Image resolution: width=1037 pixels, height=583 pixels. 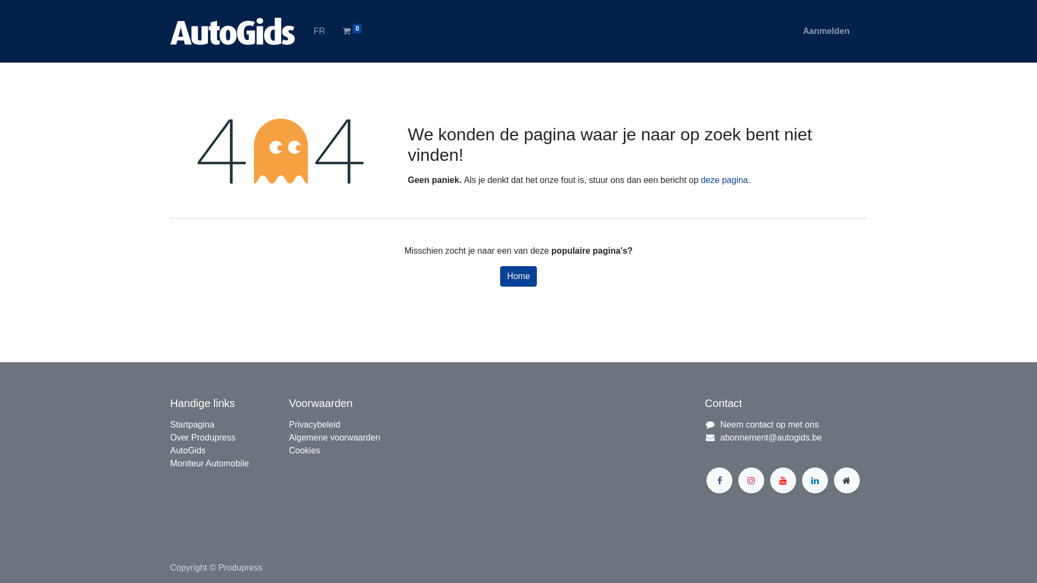 What do you see at coordinates (771, 437) in the screenshot?
I see `'abonnement@autogids.be'` at bounding box center [771, 437].